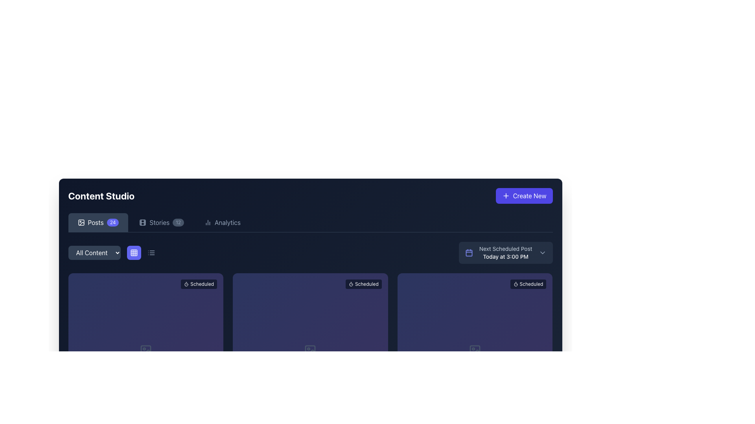  Describe the element at coordinates (159, 223) in the screenshot. I see `the 'Stories' text label, which is positioned to the right of a film icon` at that location.